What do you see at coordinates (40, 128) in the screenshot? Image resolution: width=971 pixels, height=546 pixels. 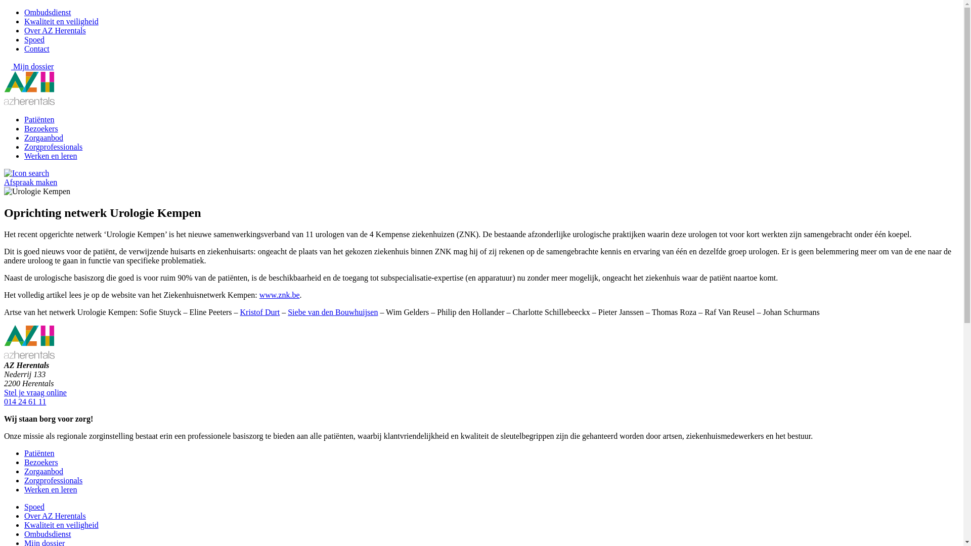 I see `'Bezoekers'` at bounding box center [40, 128].